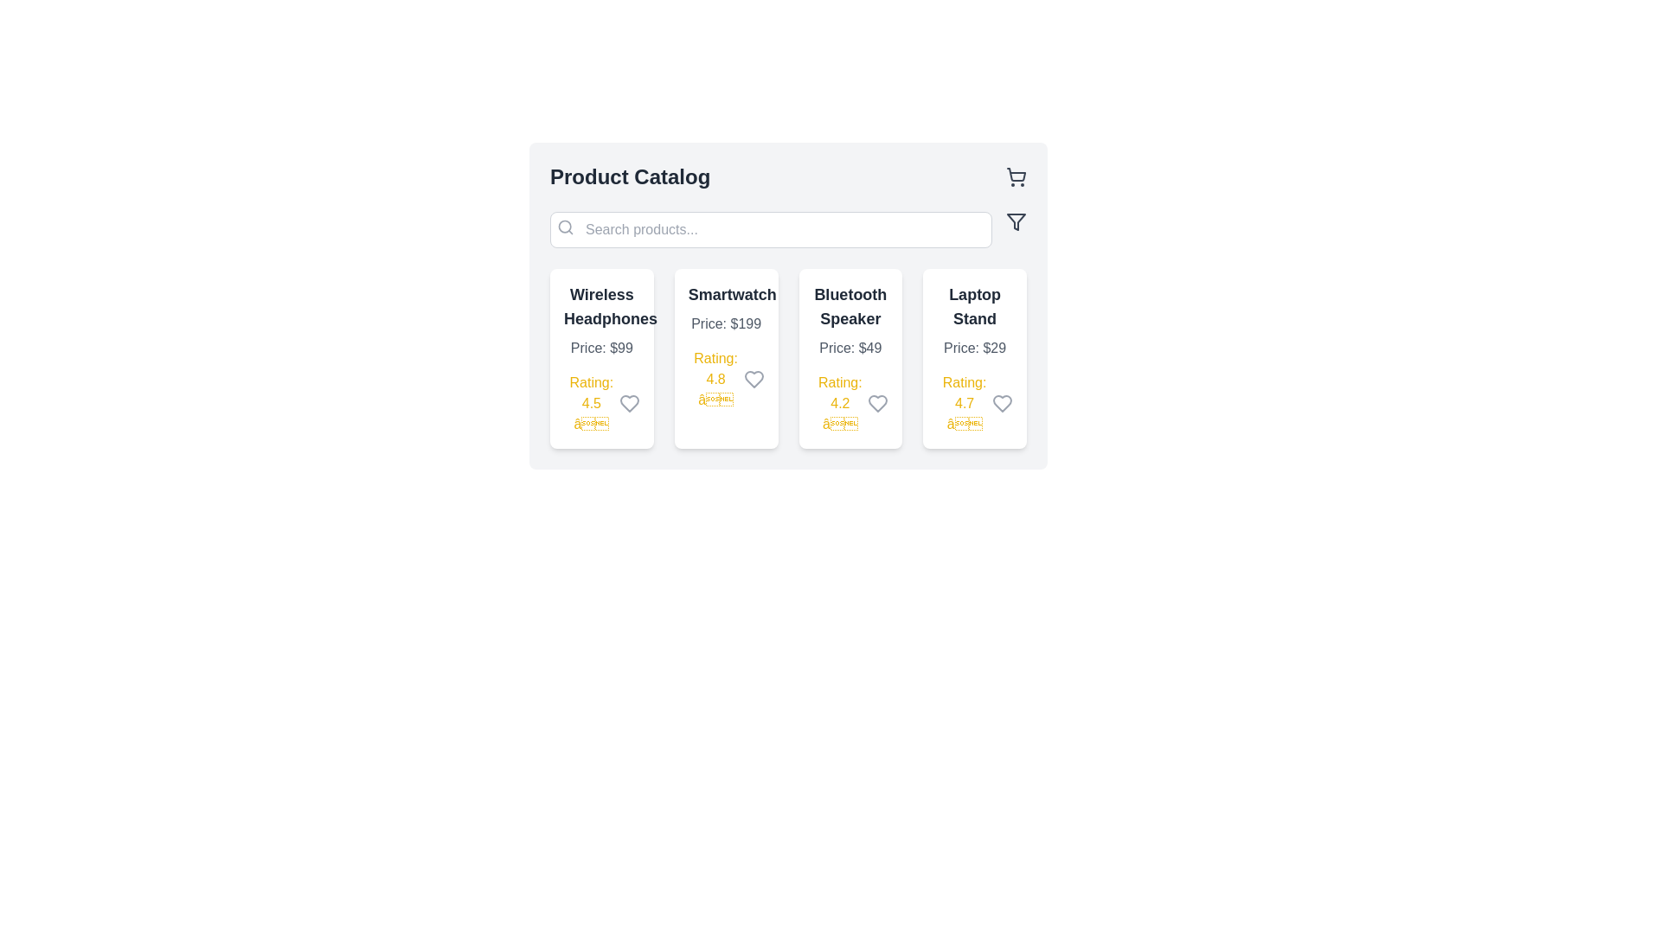 This screenshot has width=1661, height=934. Describe the element at coordinates (1016, 221) in the screenshot. I see `the funnel icon used for filtering in the Product Catalog toolbar` at that location.